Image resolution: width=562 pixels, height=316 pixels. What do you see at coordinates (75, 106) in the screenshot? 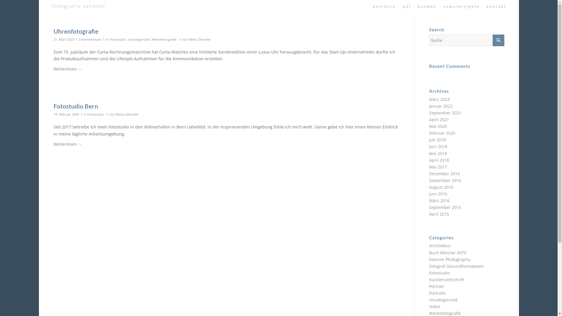
I see `'Fotostudio Bern'` at bounding box center [75, 106].